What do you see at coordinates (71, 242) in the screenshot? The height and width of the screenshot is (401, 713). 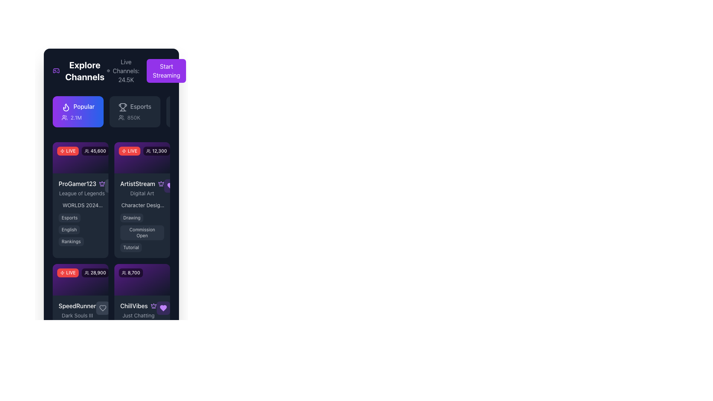 I see `the 'Rankings' label, which is the third item in a vertically stacked list of labels including 'Esports' and 'English', located on the second row of a card layout` at bounding box center [71, 242].